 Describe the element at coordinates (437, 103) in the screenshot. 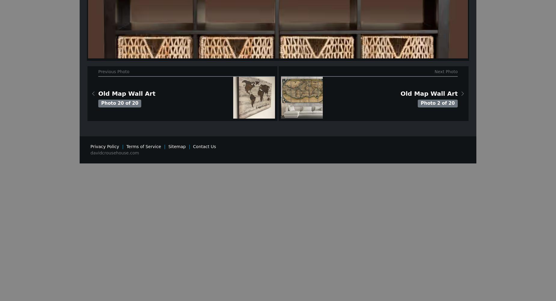

I see `'Photo 2 of 20'` at that location.